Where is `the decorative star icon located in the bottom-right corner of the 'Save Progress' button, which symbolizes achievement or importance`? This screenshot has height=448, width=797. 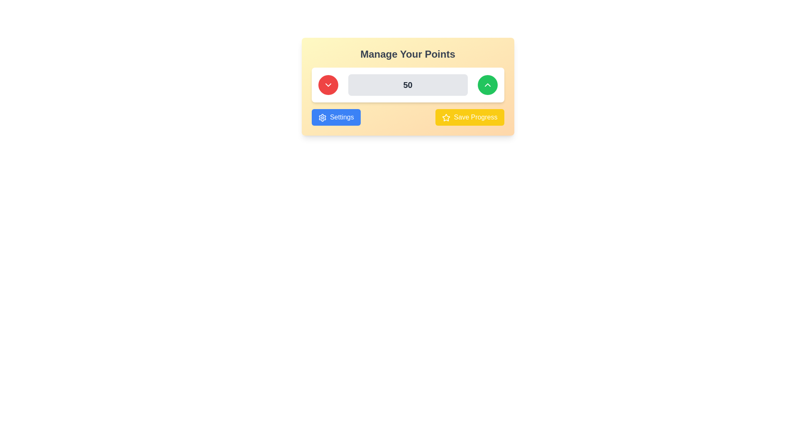 the decorative star icon located in the bottom-right corner of the 'Save Progress' button, which symbolizes achievement or importance is located at coordinates (446, 117).